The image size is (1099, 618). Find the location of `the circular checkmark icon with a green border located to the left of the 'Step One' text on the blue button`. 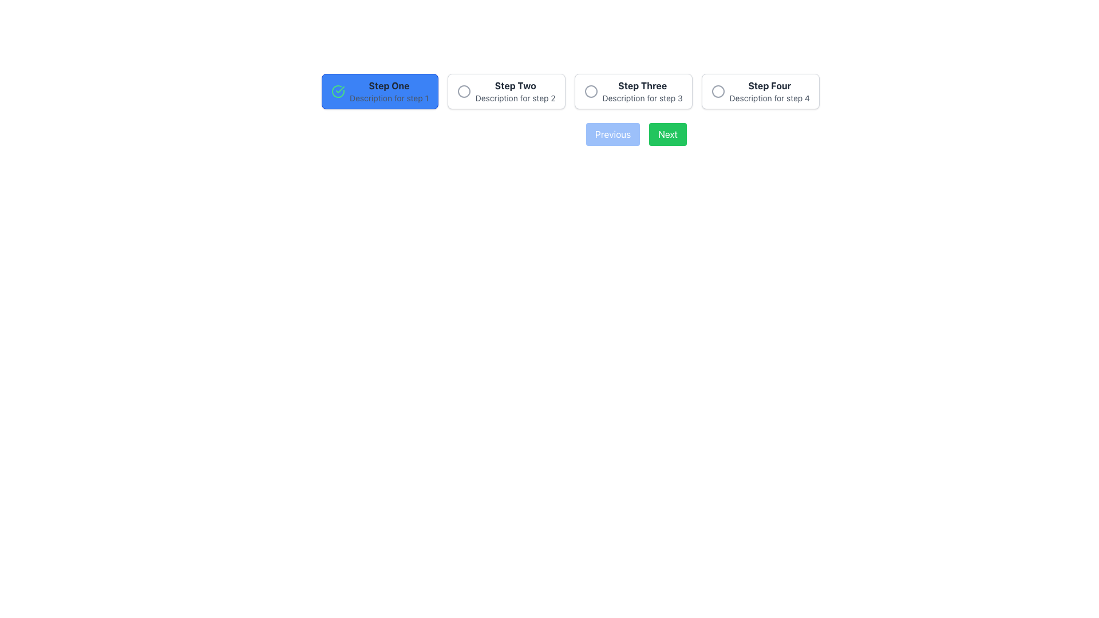

the circular checkmark icon with a green border located to the left of the 'Step One' text on the blue button is located at coordinates (337, 90).